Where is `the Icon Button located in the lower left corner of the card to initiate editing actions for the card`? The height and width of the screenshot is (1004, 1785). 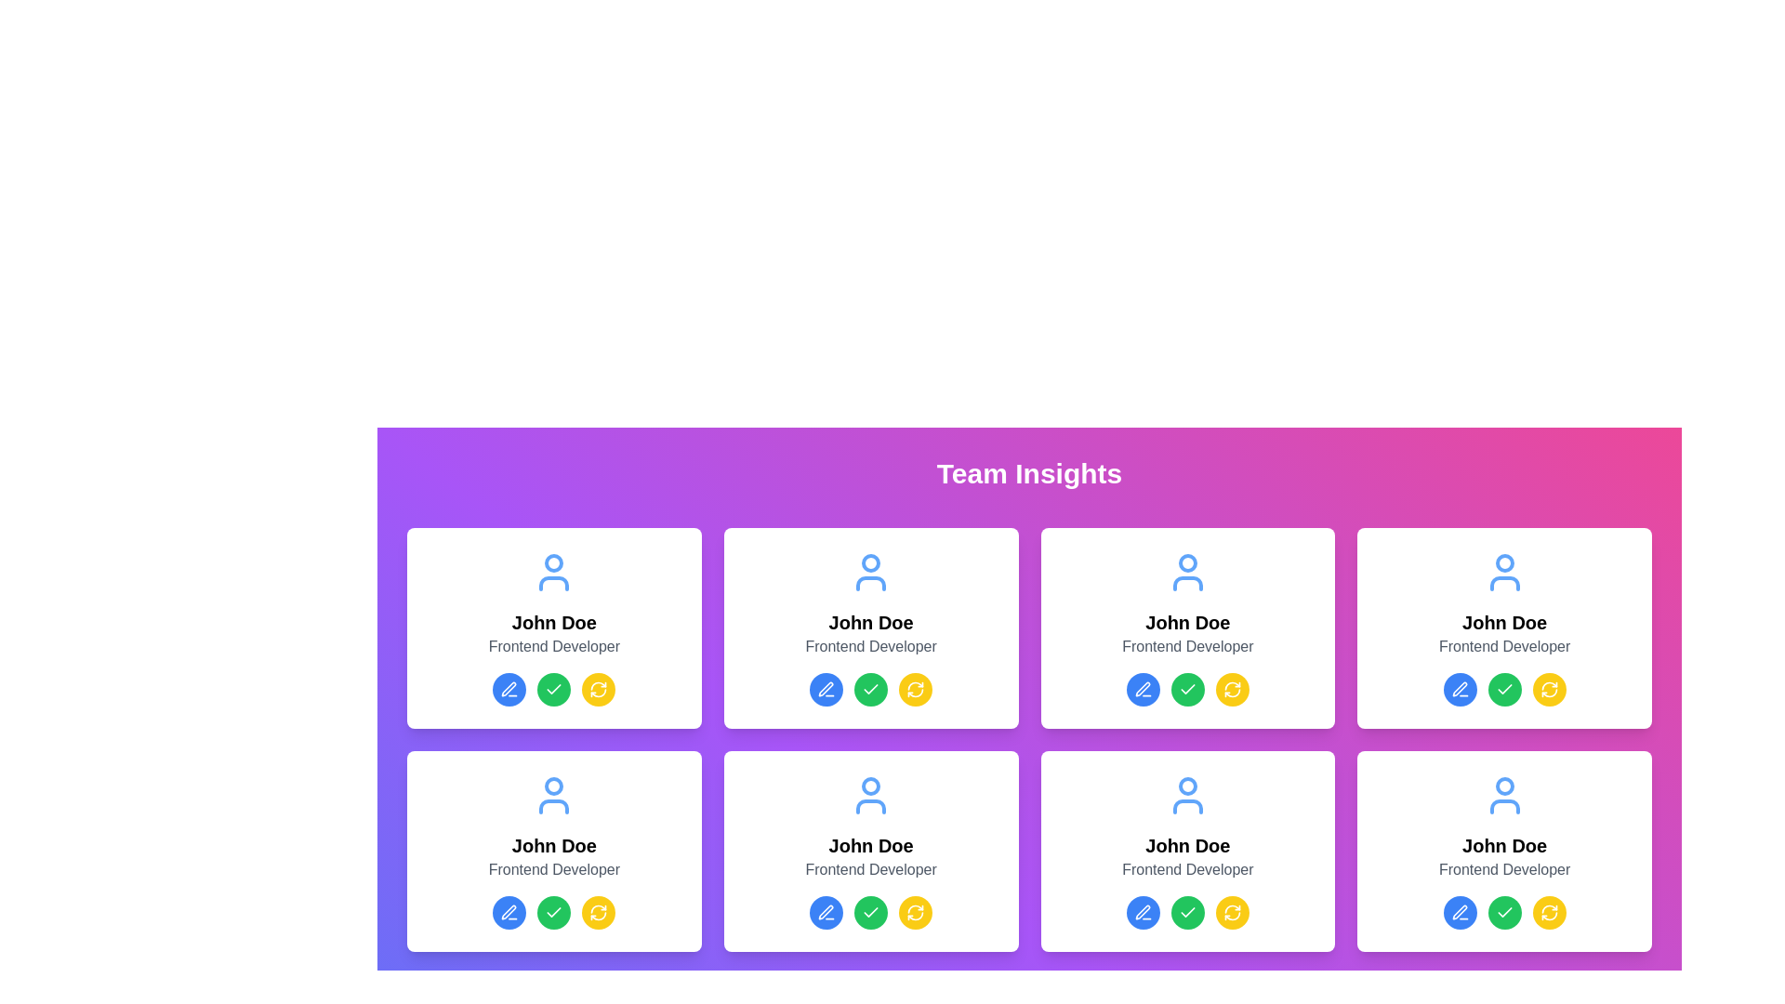 the Icon Button located in the lower left corner of the card to initiate editing actions for the card is located at coordinates (509, 689).